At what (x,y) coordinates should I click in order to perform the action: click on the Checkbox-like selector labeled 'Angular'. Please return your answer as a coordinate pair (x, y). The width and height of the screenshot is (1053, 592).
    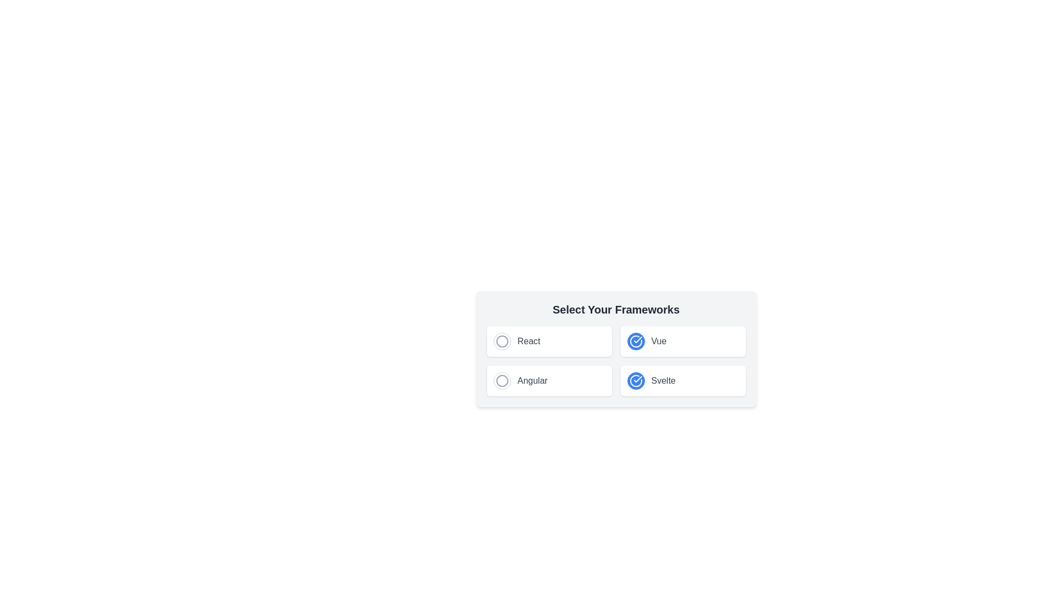
    Looking at the image, I should click on (549, 380).